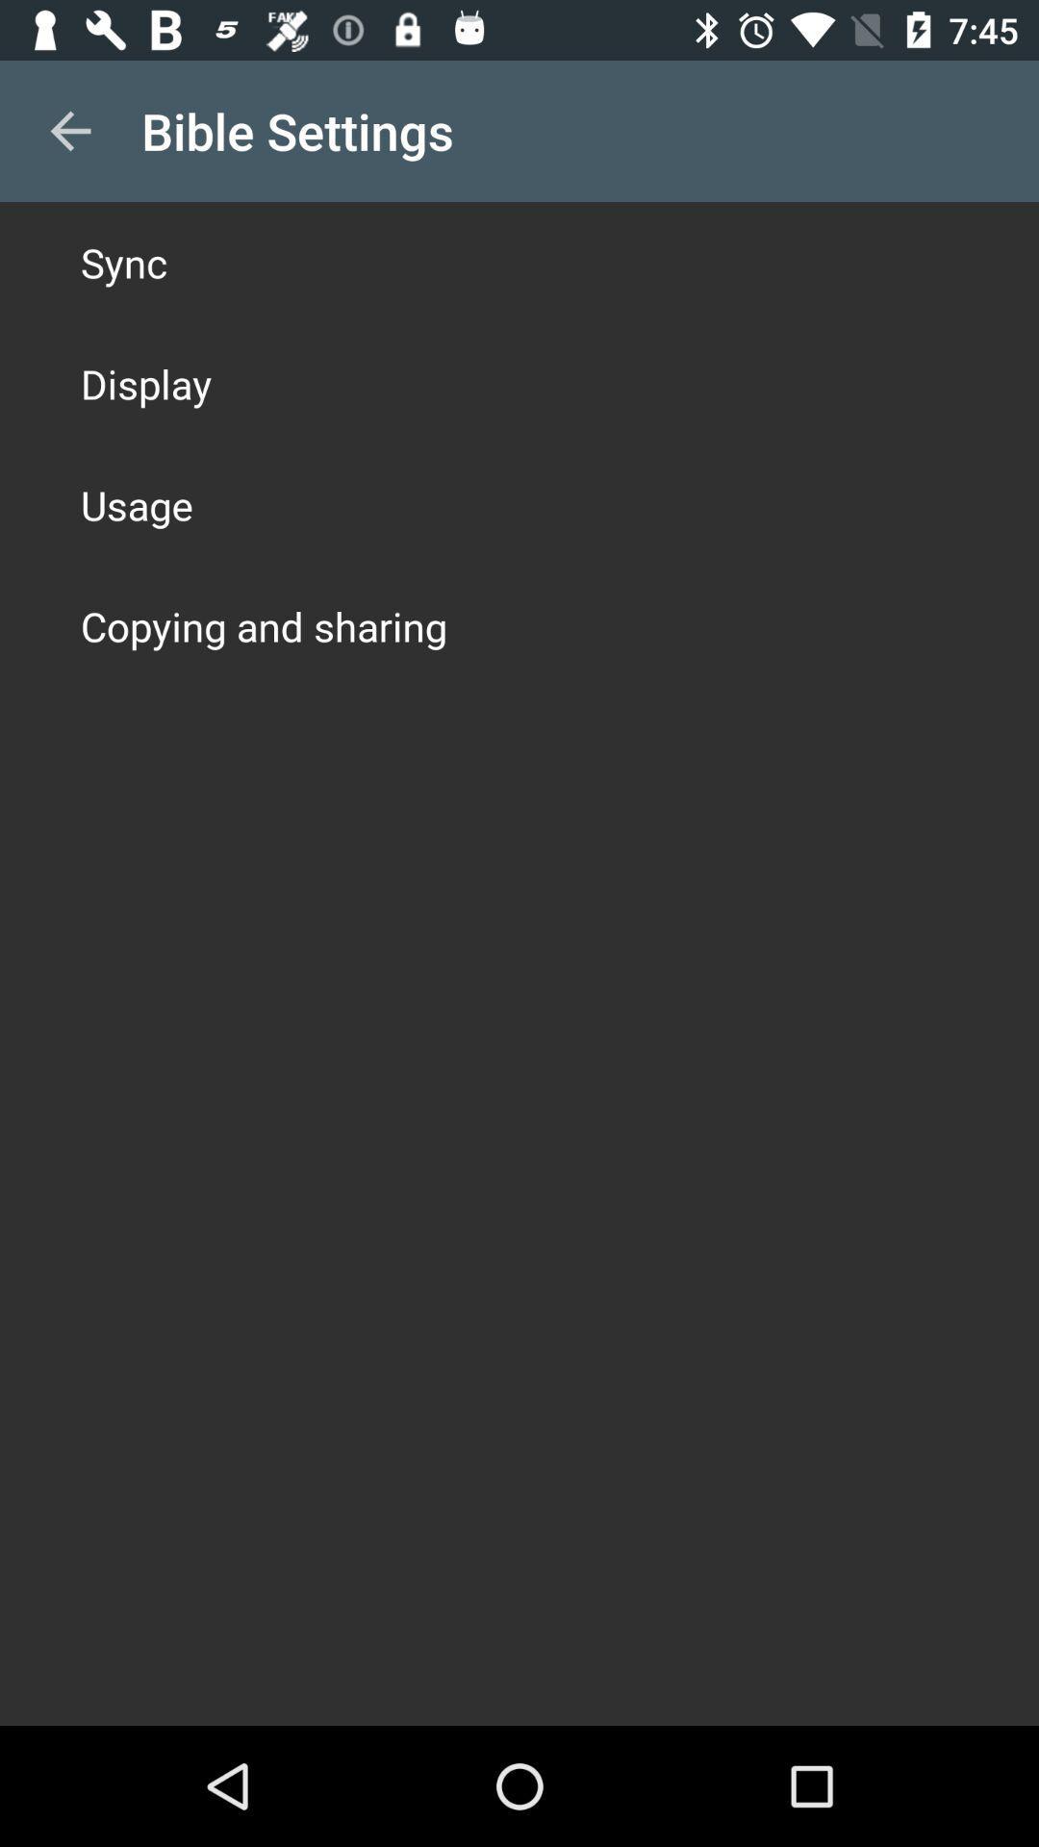 The image size is (1039, 1847). Describe the element at coordinates (69, 130) in the screenshot. I see `icon to the left of the bible settings` at that location.